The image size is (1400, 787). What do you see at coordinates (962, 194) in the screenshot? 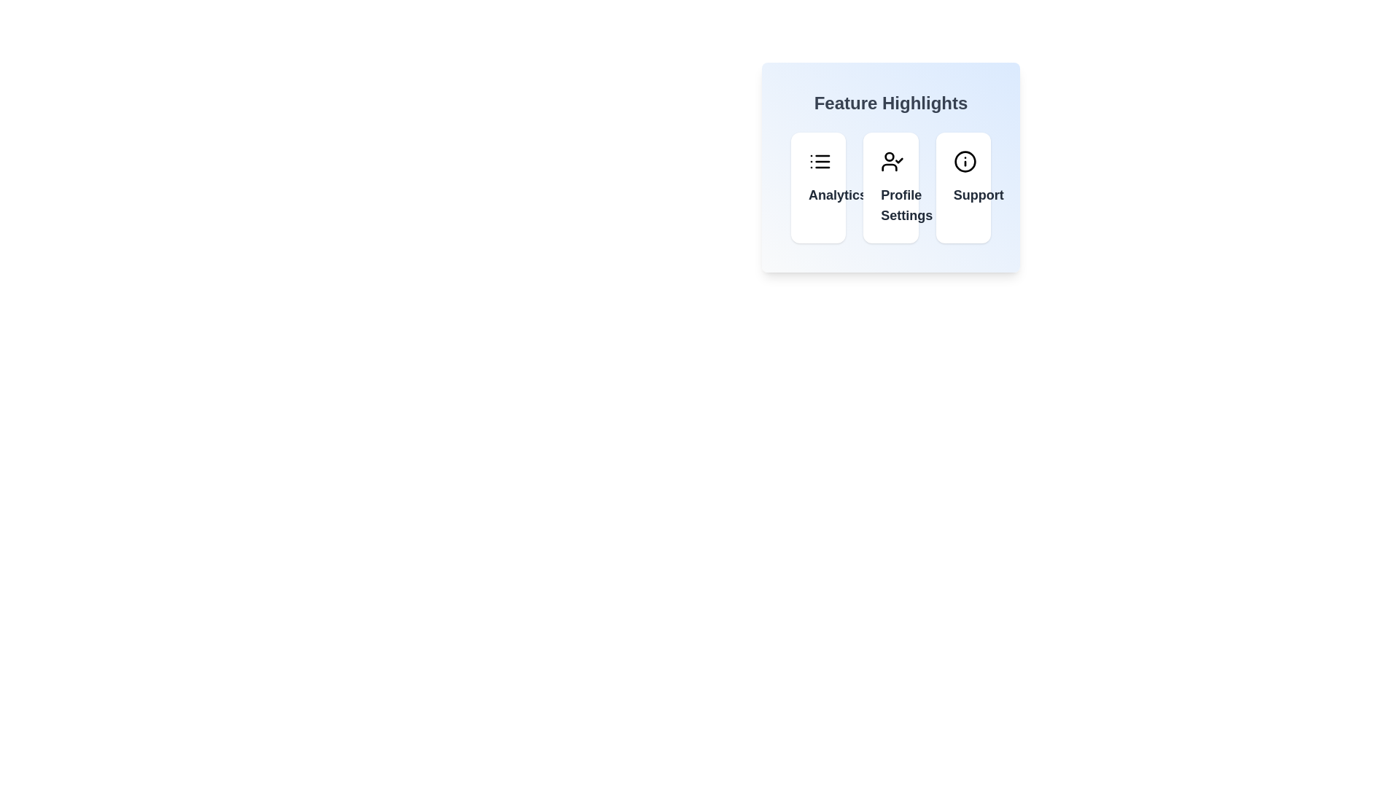
I see `the 'Support' button located in the third position from left to right under the 'Feature Highlights' header` at bounding box center [962, 194].